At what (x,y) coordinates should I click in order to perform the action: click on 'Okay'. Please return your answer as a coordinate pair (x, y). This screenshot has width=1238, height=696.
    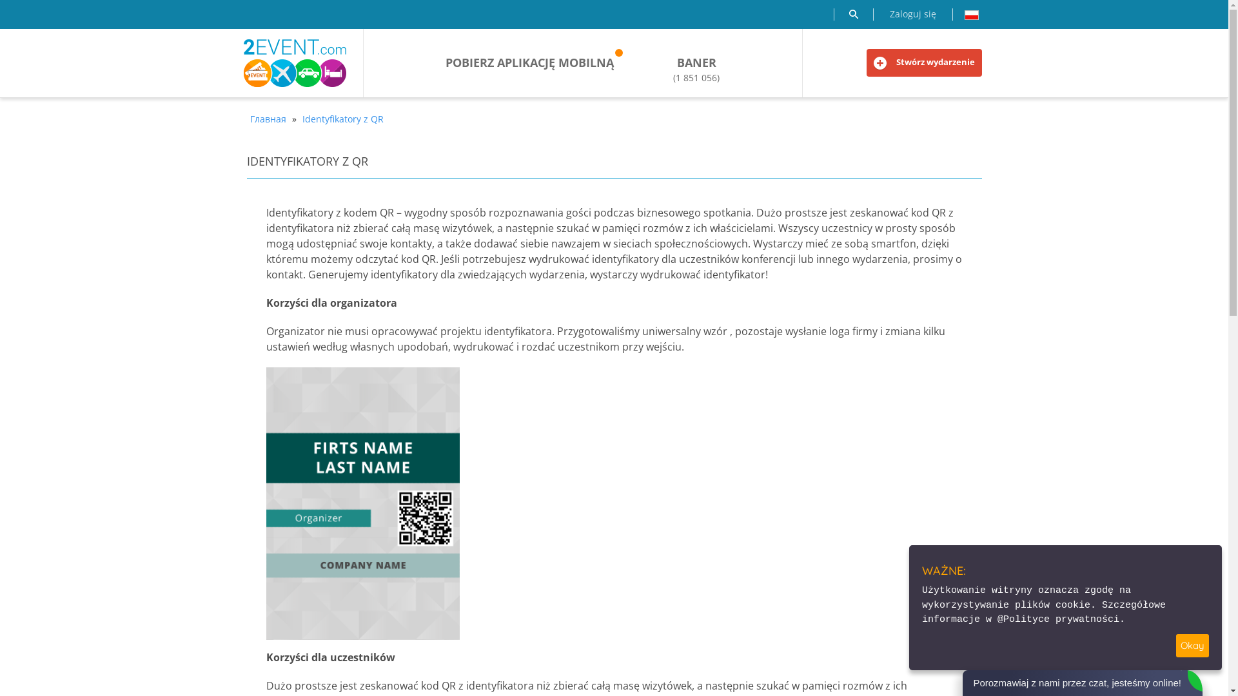
    Looking at the image, I should click on (1192, 646).